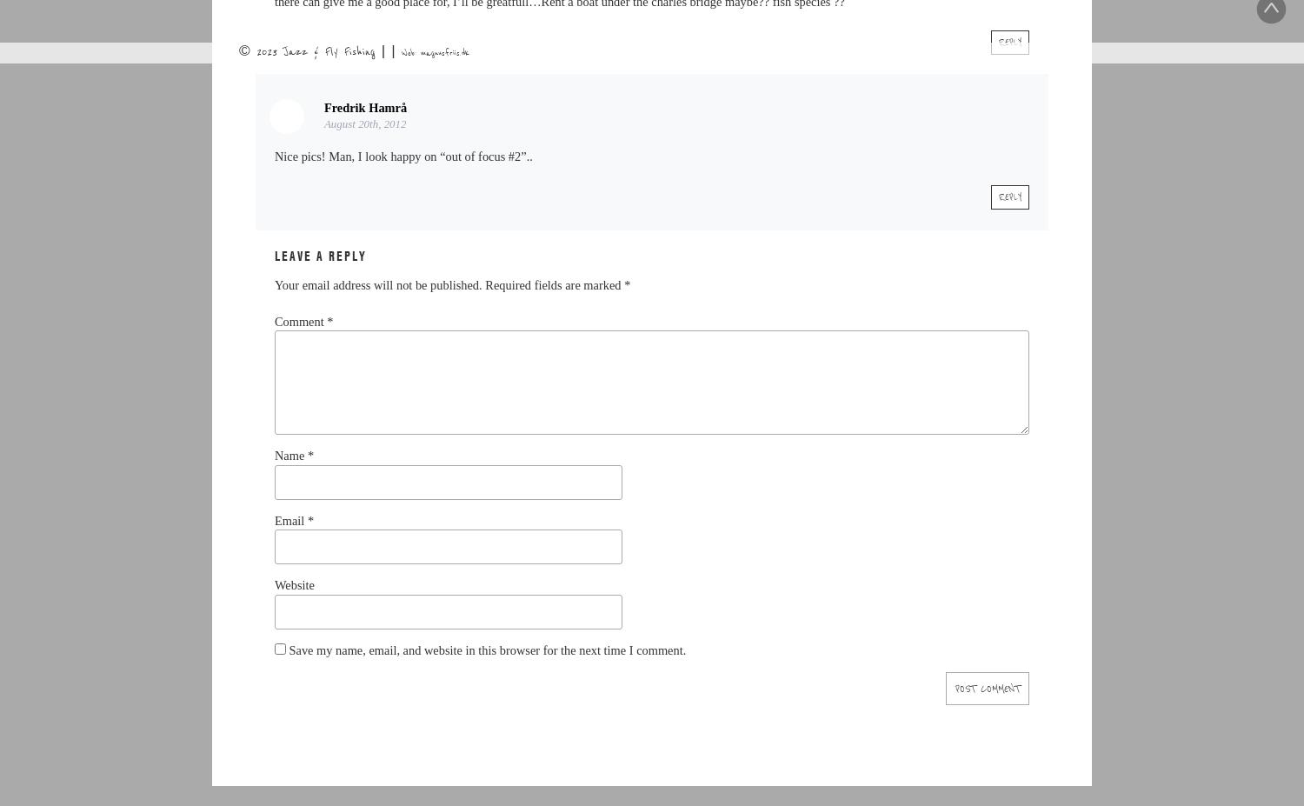 Image resolution: width=1304 pixels, height=806 pixels. What do you see at coordinates (323, 107) in the screenshot?
I see `'Fredrik Hamrå'` at bounding box center [323, 107].